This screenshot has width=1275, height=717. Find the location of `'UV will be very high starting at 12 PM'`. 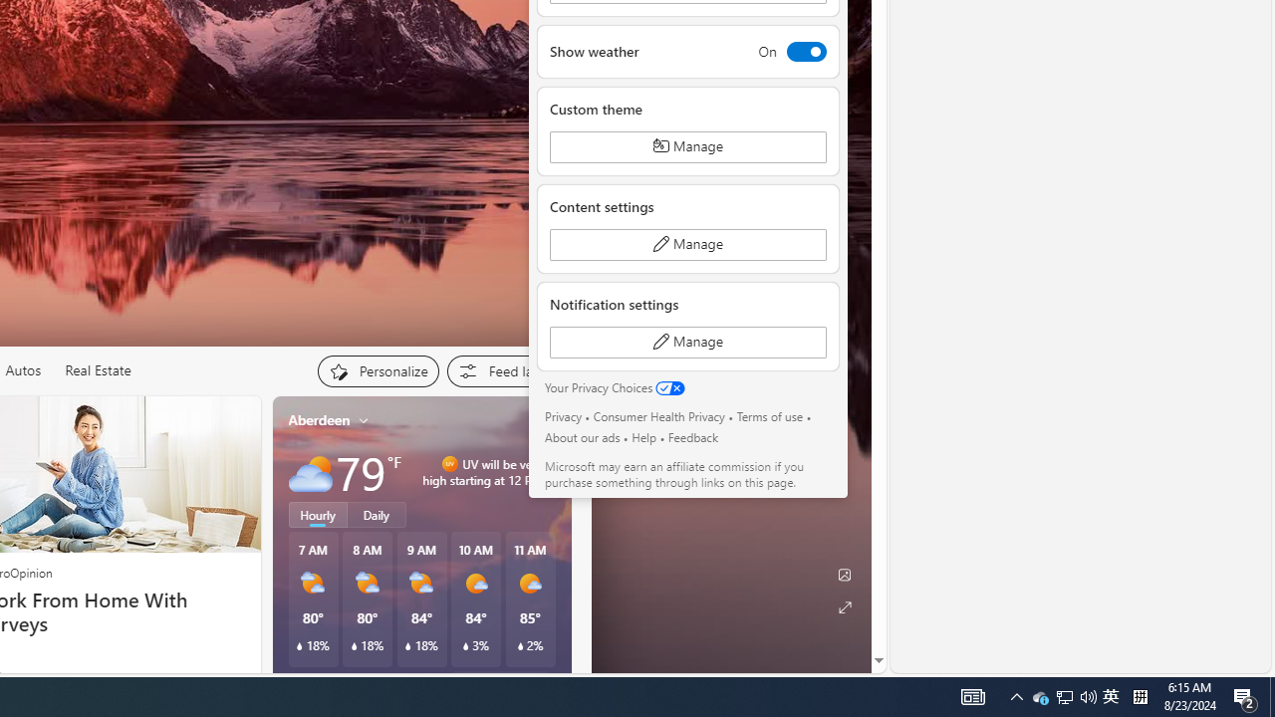

'UV will be very high starting at 12 PM' is located at coordinates (549, 472).